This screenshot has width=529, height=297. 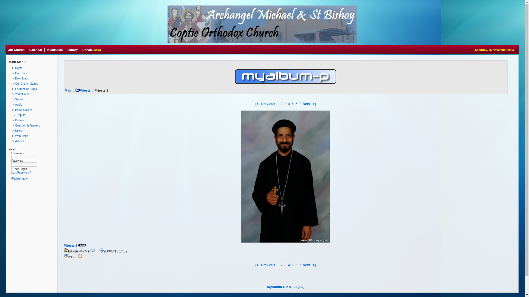 What do you see at coordinates (33, 115) in the screenshot?
I see `'Popular'` at bounding box center [33, 115].